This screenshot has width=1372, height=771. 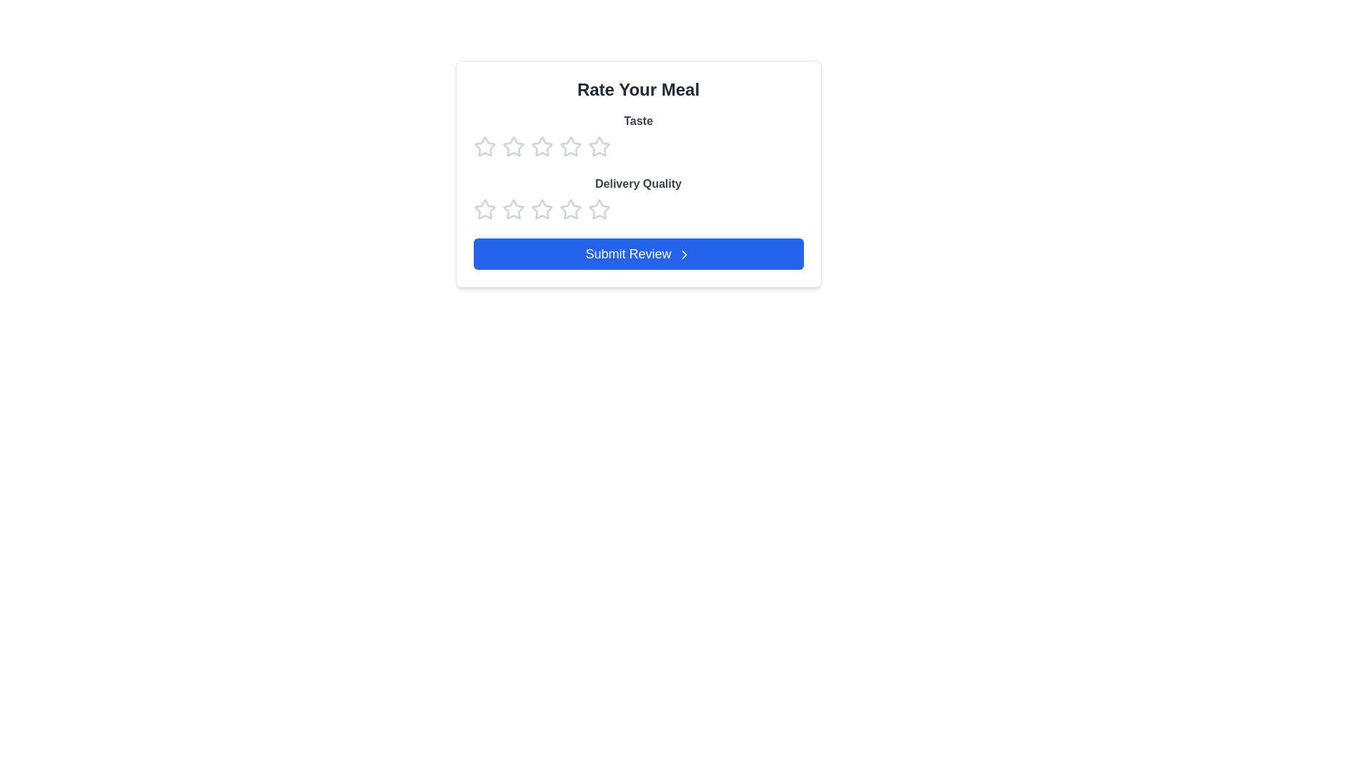 I want to click on the second star-shaped icon in the rating section labeled 'Taste' to rate it, so click(x=513, y=146).